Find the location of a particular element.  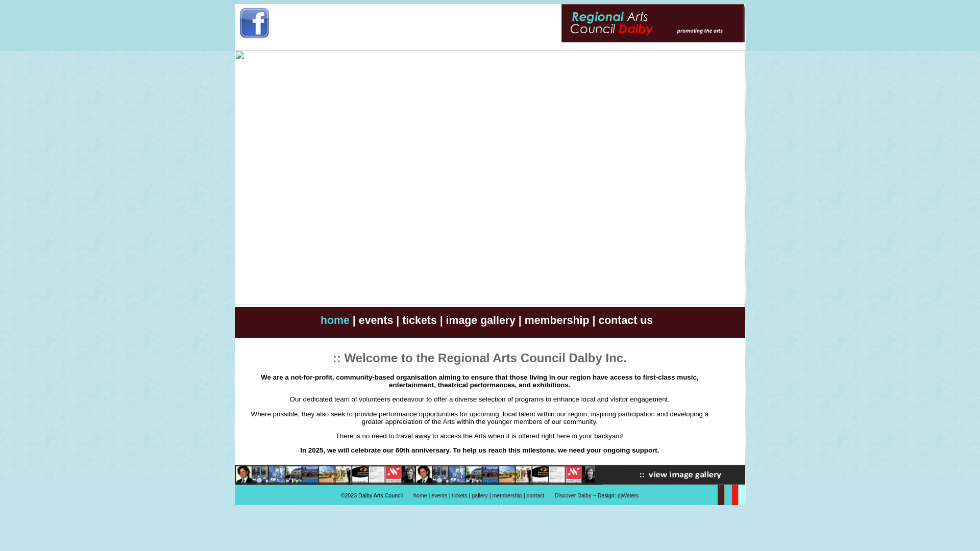

'events' is located at coordinates (439, 495).